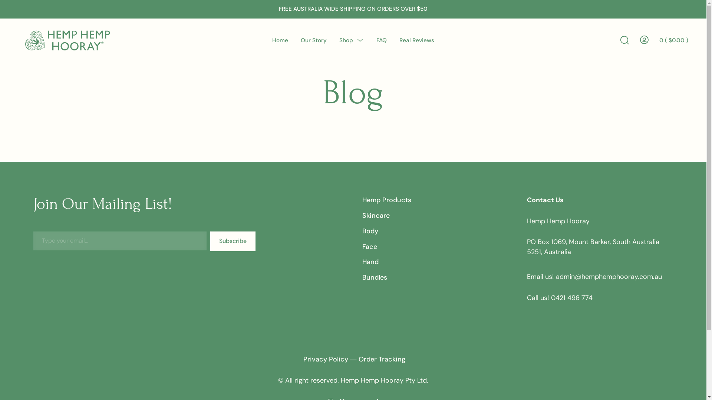  I want to click on 'Subscribe', so click(233, 241).